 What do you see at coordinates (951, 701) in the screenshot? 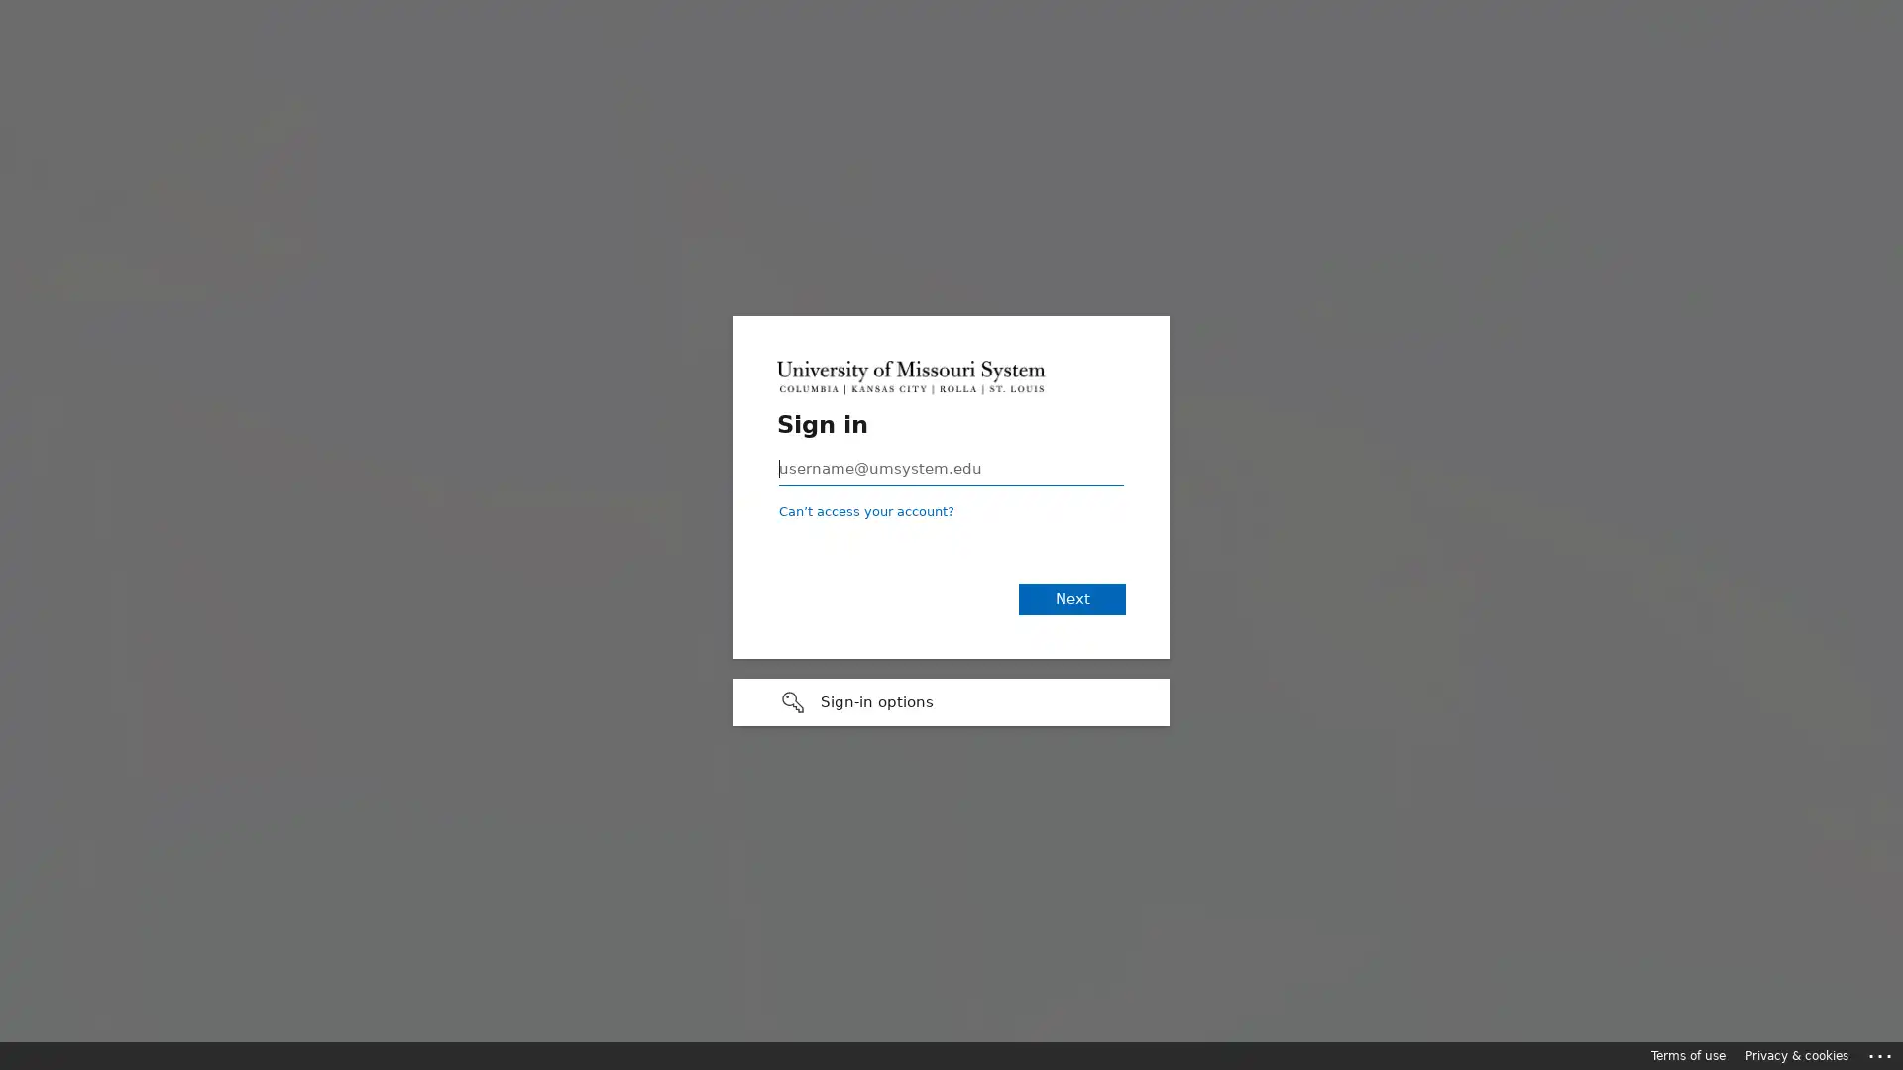
I see `Sign-in options` at bounding box center [951, 701].